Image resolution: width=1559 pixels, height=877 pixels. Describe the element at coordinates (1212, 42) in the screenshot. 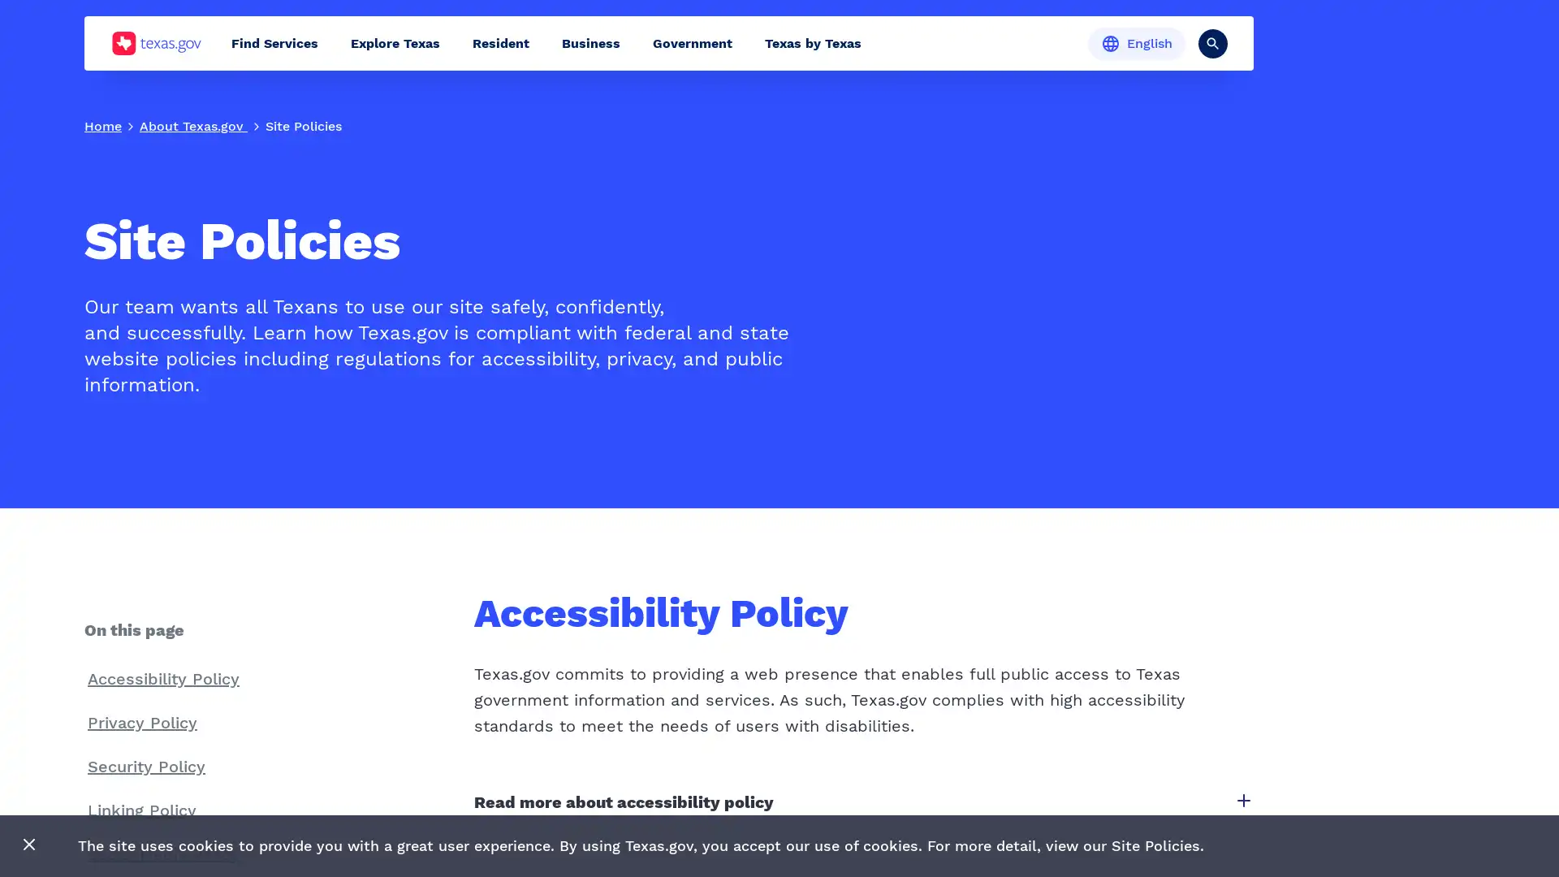

I see `Search` at that location.